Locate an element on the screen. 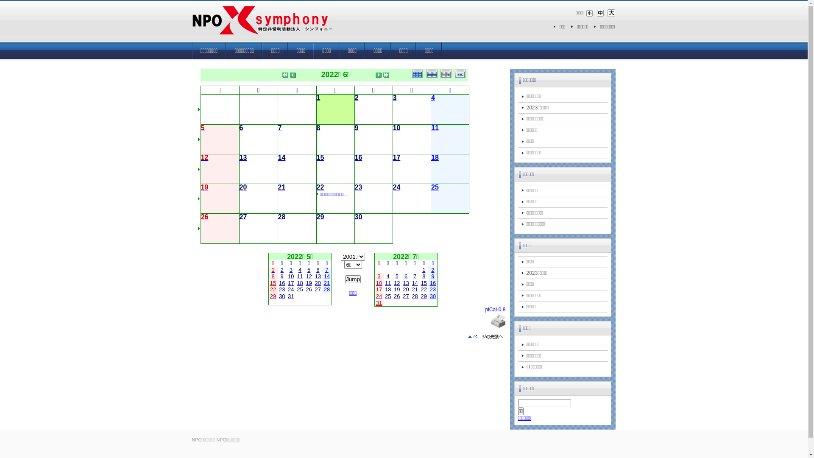 Image resolution: width=814 pixels, height=458 pixels. '18' is located at coordinates (431, 158).